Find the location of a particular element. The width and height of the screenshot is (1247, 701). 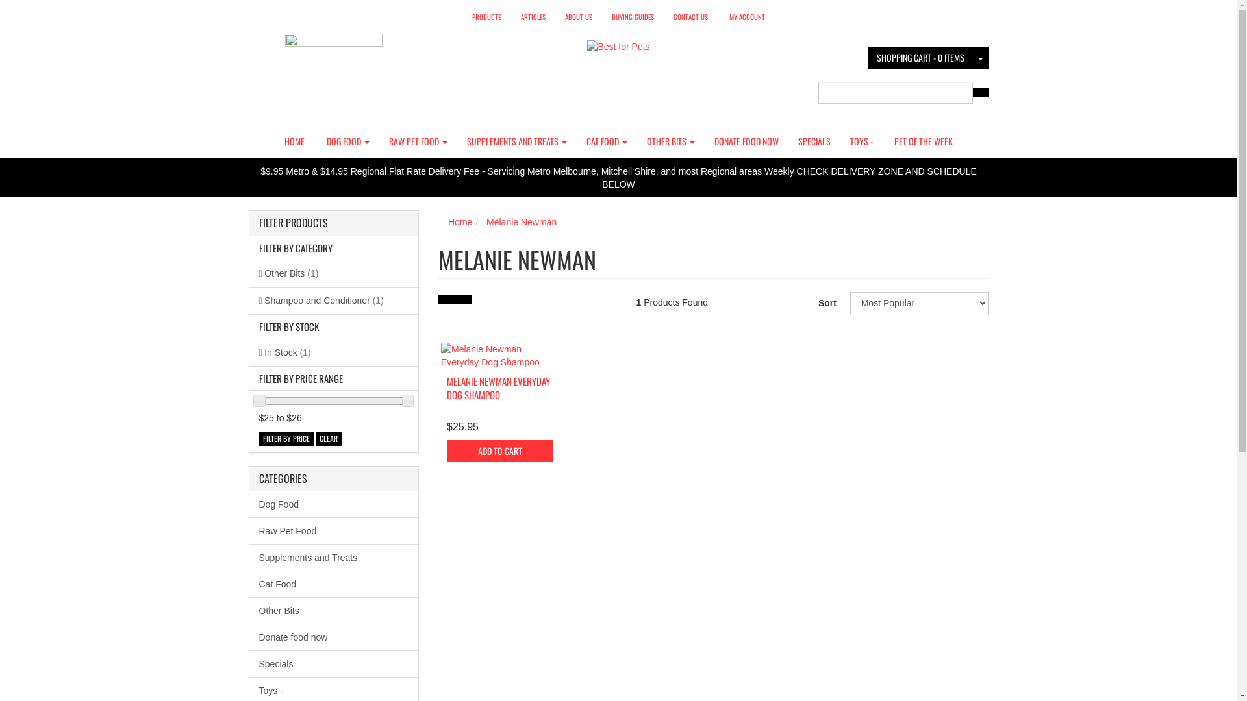

'Donate food now' is located at coordinates (334, 636).